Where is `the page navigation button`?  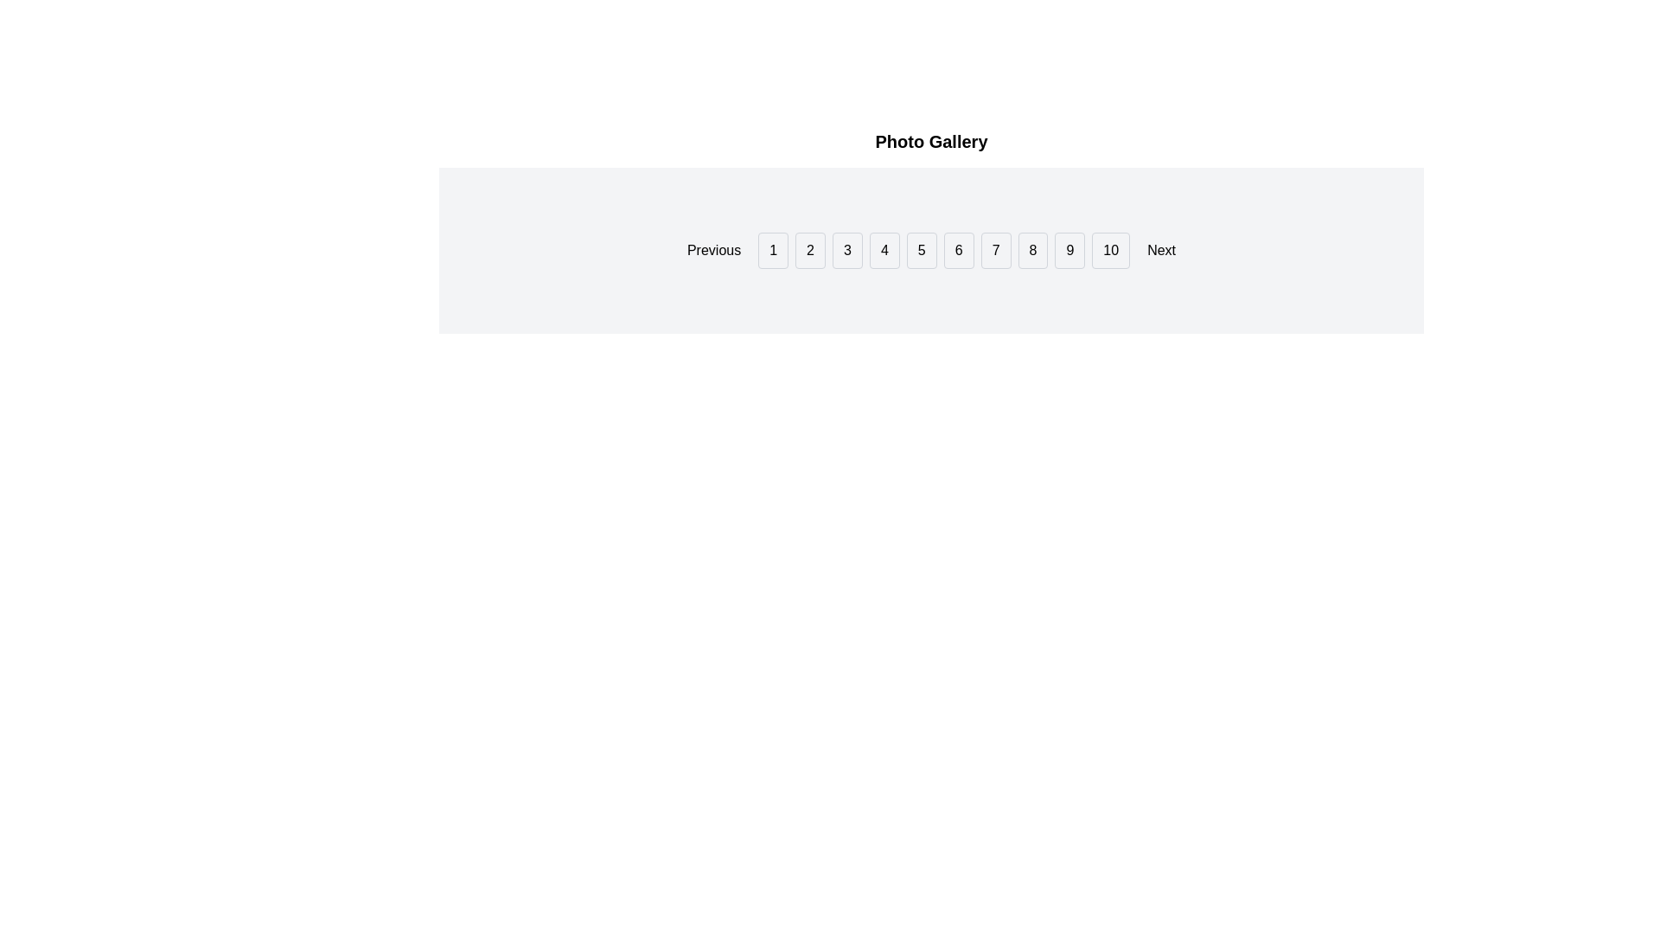 the page navigation button is located at coordinates (996, 250).